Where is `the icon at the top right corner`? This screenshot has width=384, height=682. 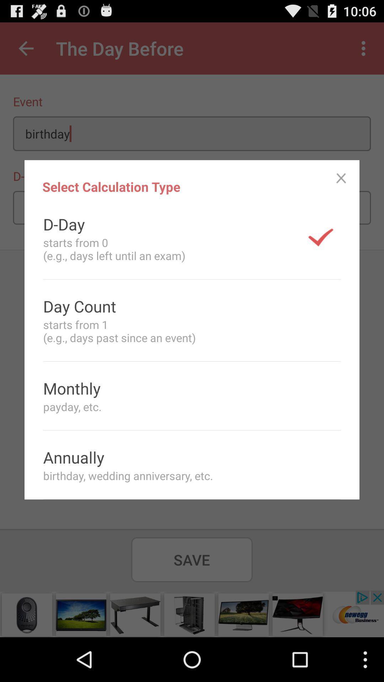
the icon at the top right corner is located at coordinates (341, 178).